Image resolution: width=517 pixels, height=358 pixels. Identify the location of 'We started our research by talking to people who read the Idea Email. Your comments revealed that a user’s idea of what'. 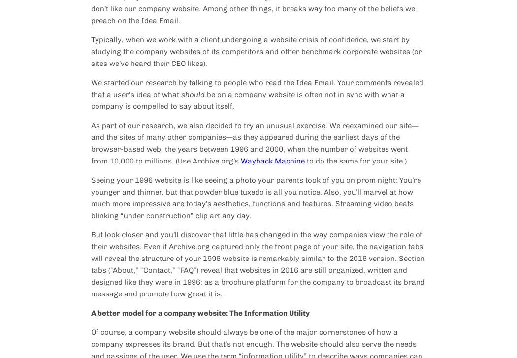
(257, 89).